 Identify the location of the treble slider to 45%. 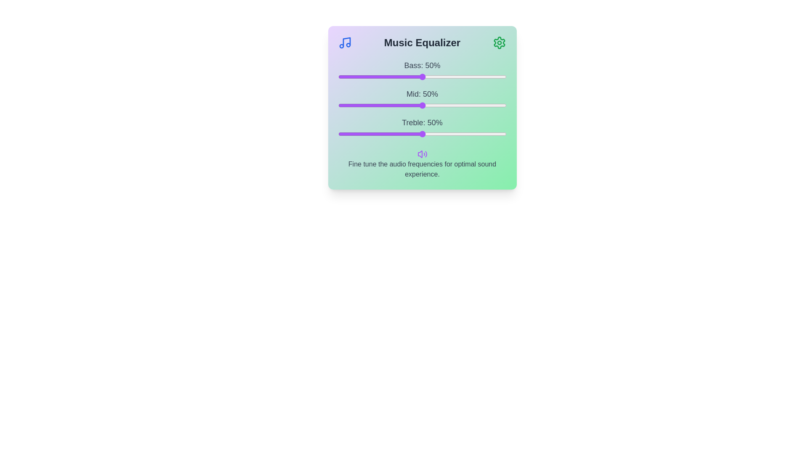
(414, 134).